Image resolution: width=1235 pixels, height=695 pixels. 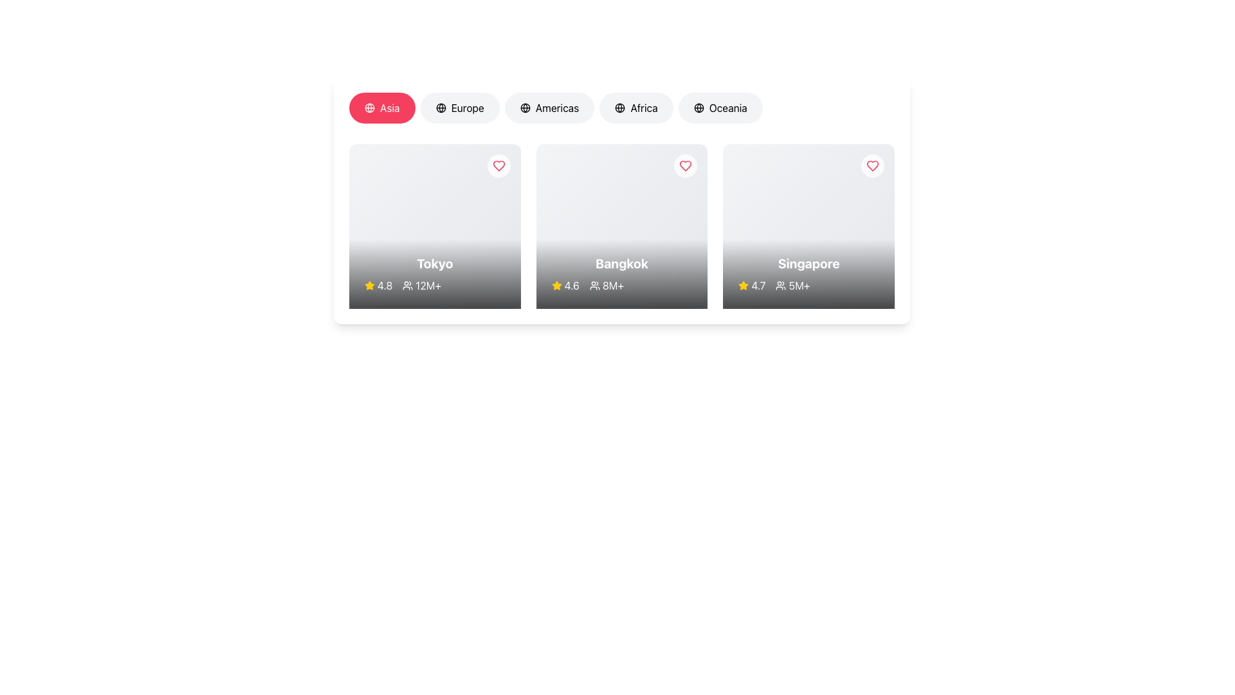 What do you see at coordinates (441, 107) in the screenshot?
I see `the Decorative Circle (SVG) element within the Asia region button group, located at the top-left area of the interface` at bounding box center [441, 107].